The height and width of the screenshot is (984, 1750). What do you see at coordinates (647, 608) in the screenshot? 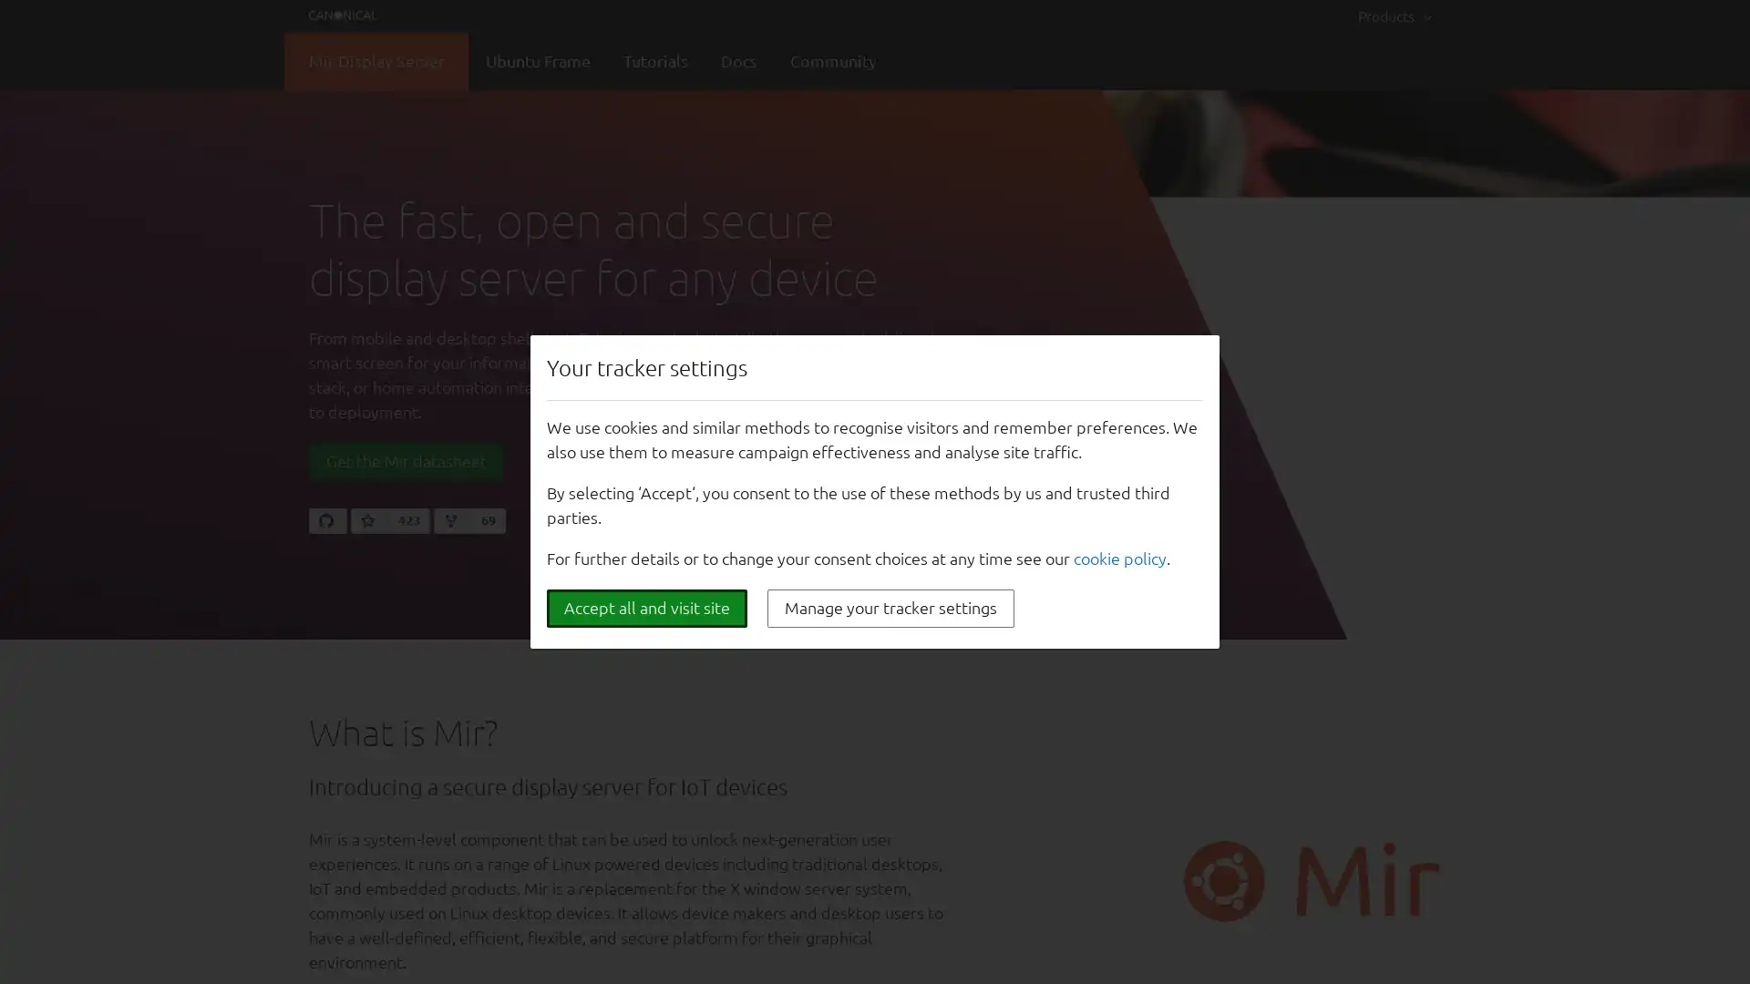
I see `Accept all and visit site` at bounding box center [647, 608].